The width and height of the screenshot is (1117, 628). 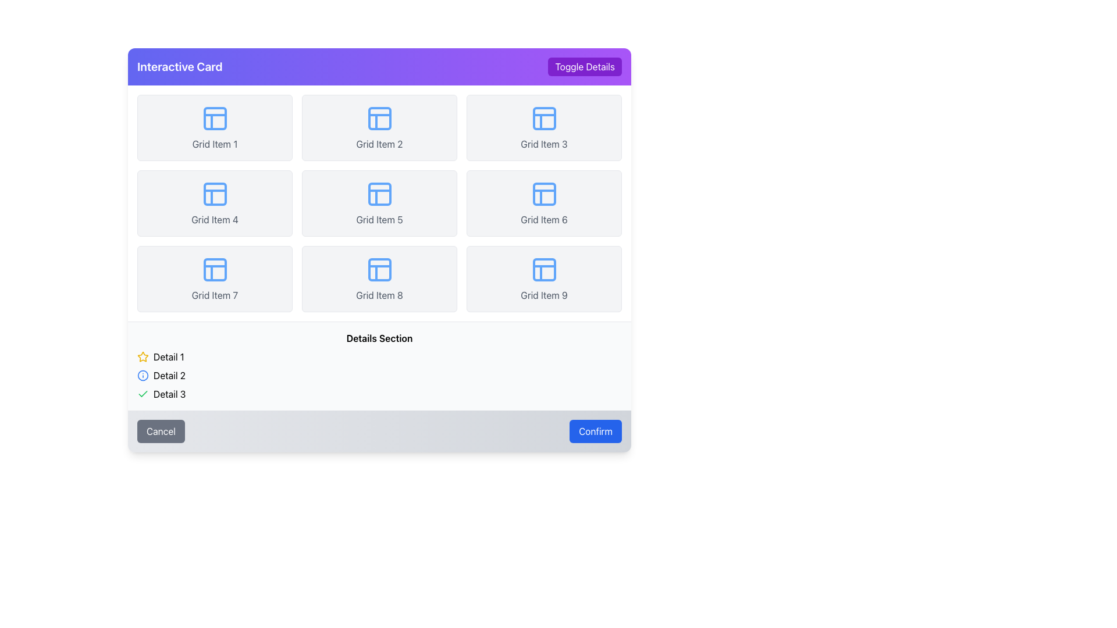 What do you see at coordinates (168, 356) in the screenshot?
I see `the text label located below the grid in the 'Details Section', next to the yellow star icon` at bounding box center [168, 356].